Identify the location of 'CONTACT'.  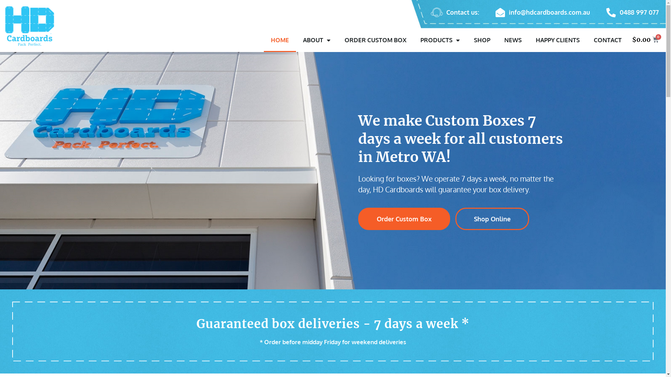
(607, 40).